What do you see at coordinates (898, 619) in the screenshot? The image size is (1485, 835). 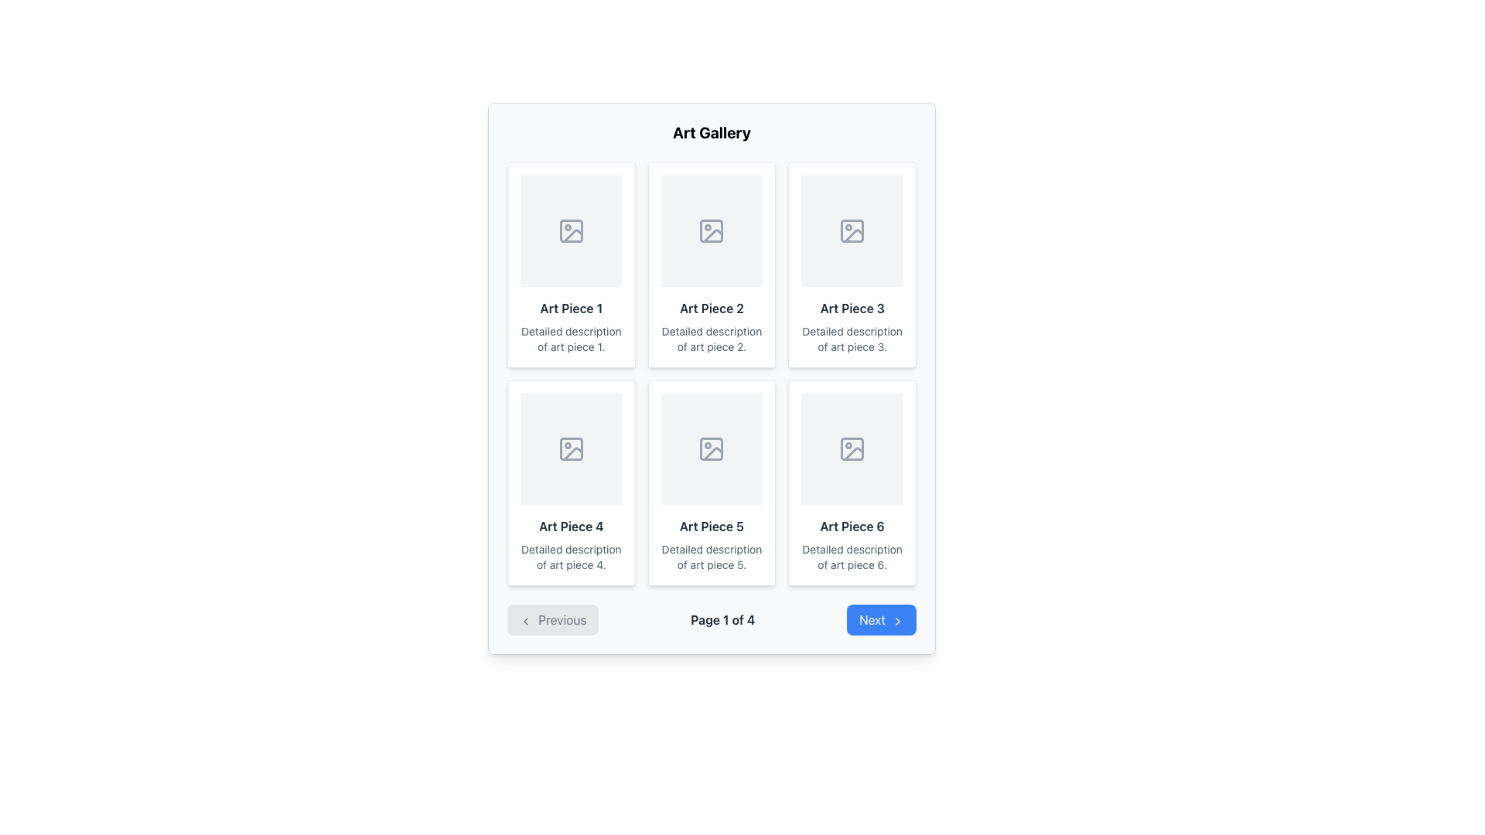 I see `the chevron icon located at the far-right side of the 'Next' button, which indicates navigation to the next page or section` at bounding box center [898, 619].